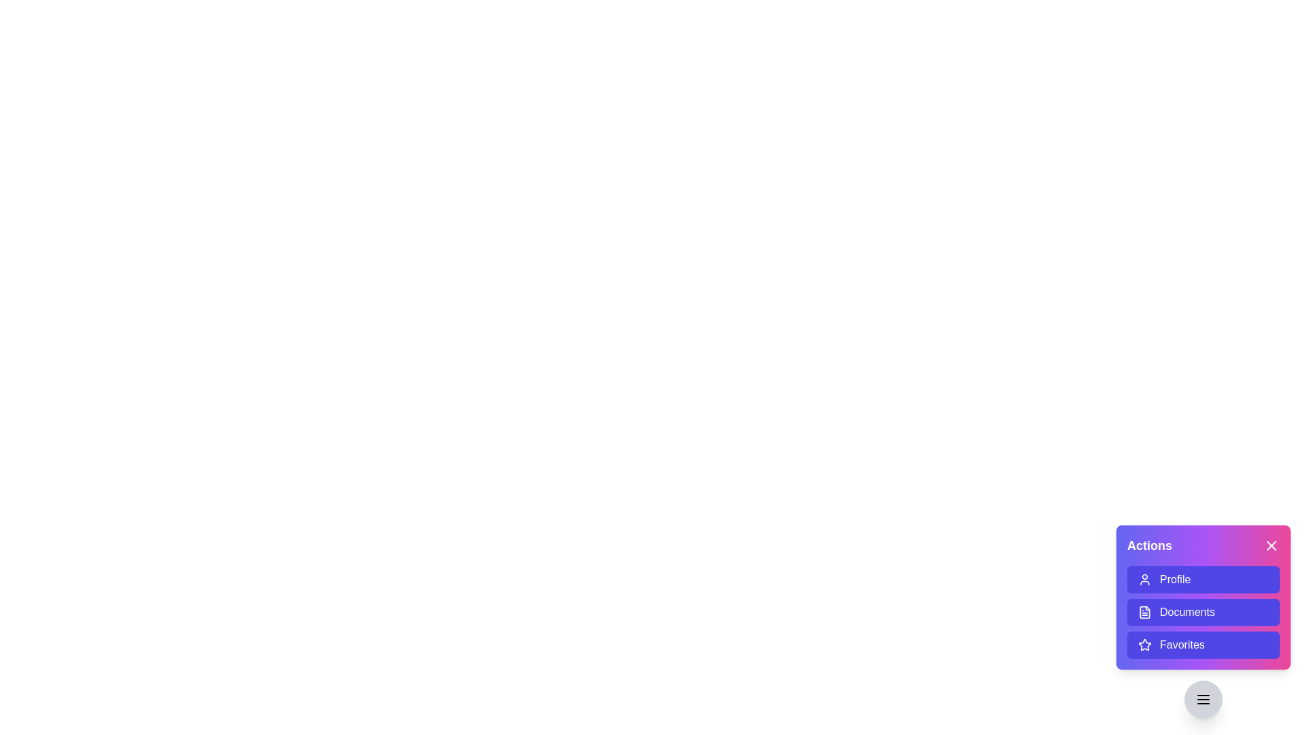 This screenshot has height=735, width=1307. What do you see at coordinates (1203, 644) in the screenshot?
I see `the 'Favorites' interactive button using keyboard navigation for accessibility` at bounding box center [1203, 644].